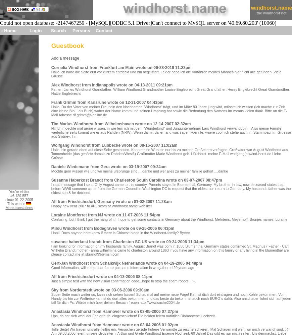 The image size is (292, 335). Describe the element at coordinates (50, 312) in the screenshot. I see `'Anastasia Windhorst from Hannover wrote on 03-05-2006 07:37pm'` at that location.